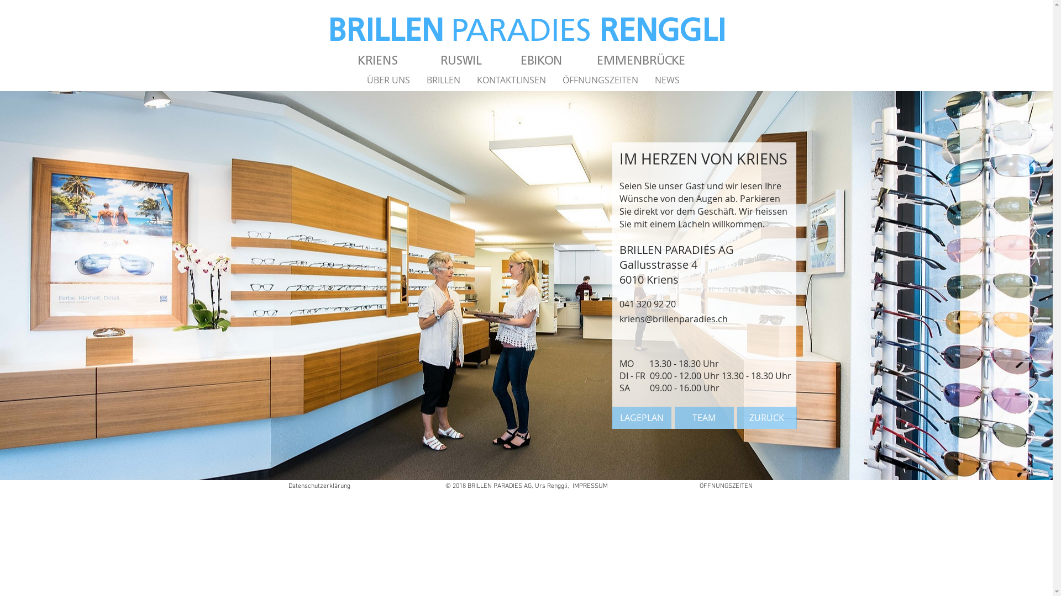 This screenshot has width=1061, height=596. Describe the element at coordinates (673, 318) in the screenshot. I see `'kriens@brillenparadies.ch'` at that location.